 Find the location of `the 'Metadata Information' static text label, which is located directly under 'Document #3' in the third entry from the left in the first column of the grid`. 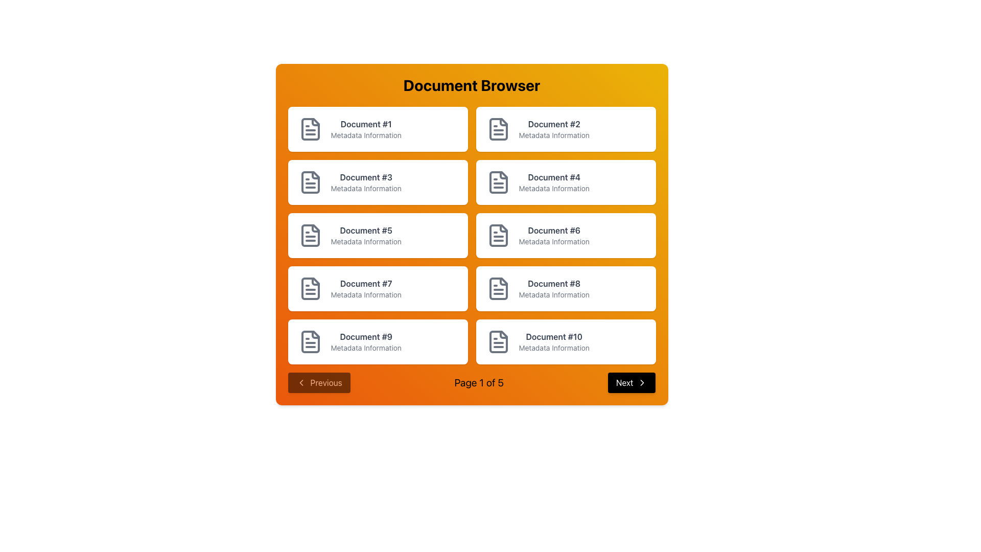

the 'Metadata Information' static text label, which is located directly under 'Document #3' in the third entry from the left in the first column of the grid is located at coordinates (366, 189).